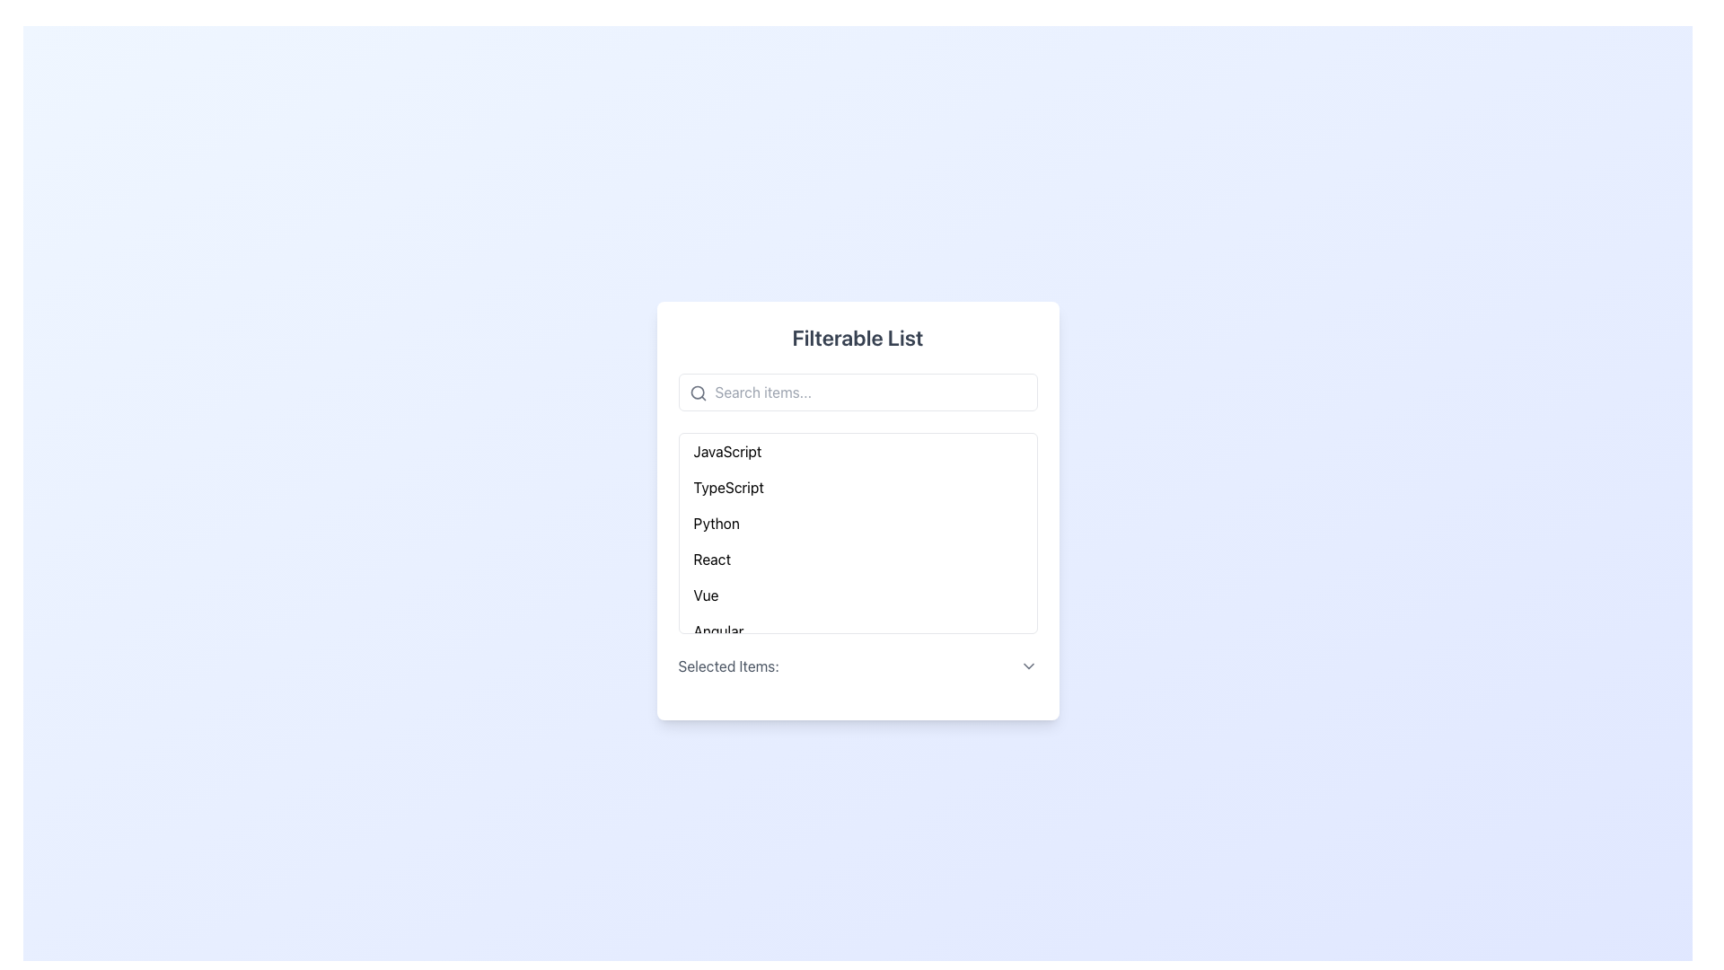 The height and width of the screenshot is (970, 1724). What do you see at coordinates (1028, 666) in the screenshot?
I see `the Dropdown toggle icon located to the right of the 'Selected Items:' label` at bounding box center [1028, 666].